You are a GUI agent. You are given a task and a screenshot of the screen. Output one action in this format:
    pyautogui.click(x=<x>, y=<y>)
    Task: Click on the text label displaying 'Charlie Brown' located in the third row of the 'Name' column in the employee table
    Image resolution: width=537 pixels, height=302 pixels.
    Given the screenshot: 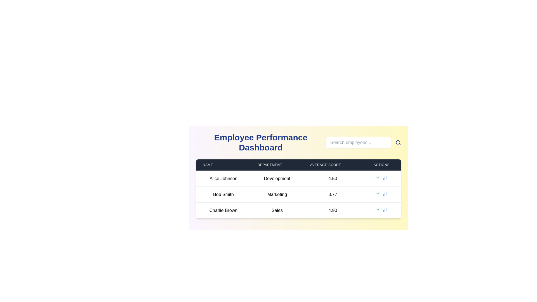 What is the action you would take?
    pyautogui.click(x=223, y=210)
    